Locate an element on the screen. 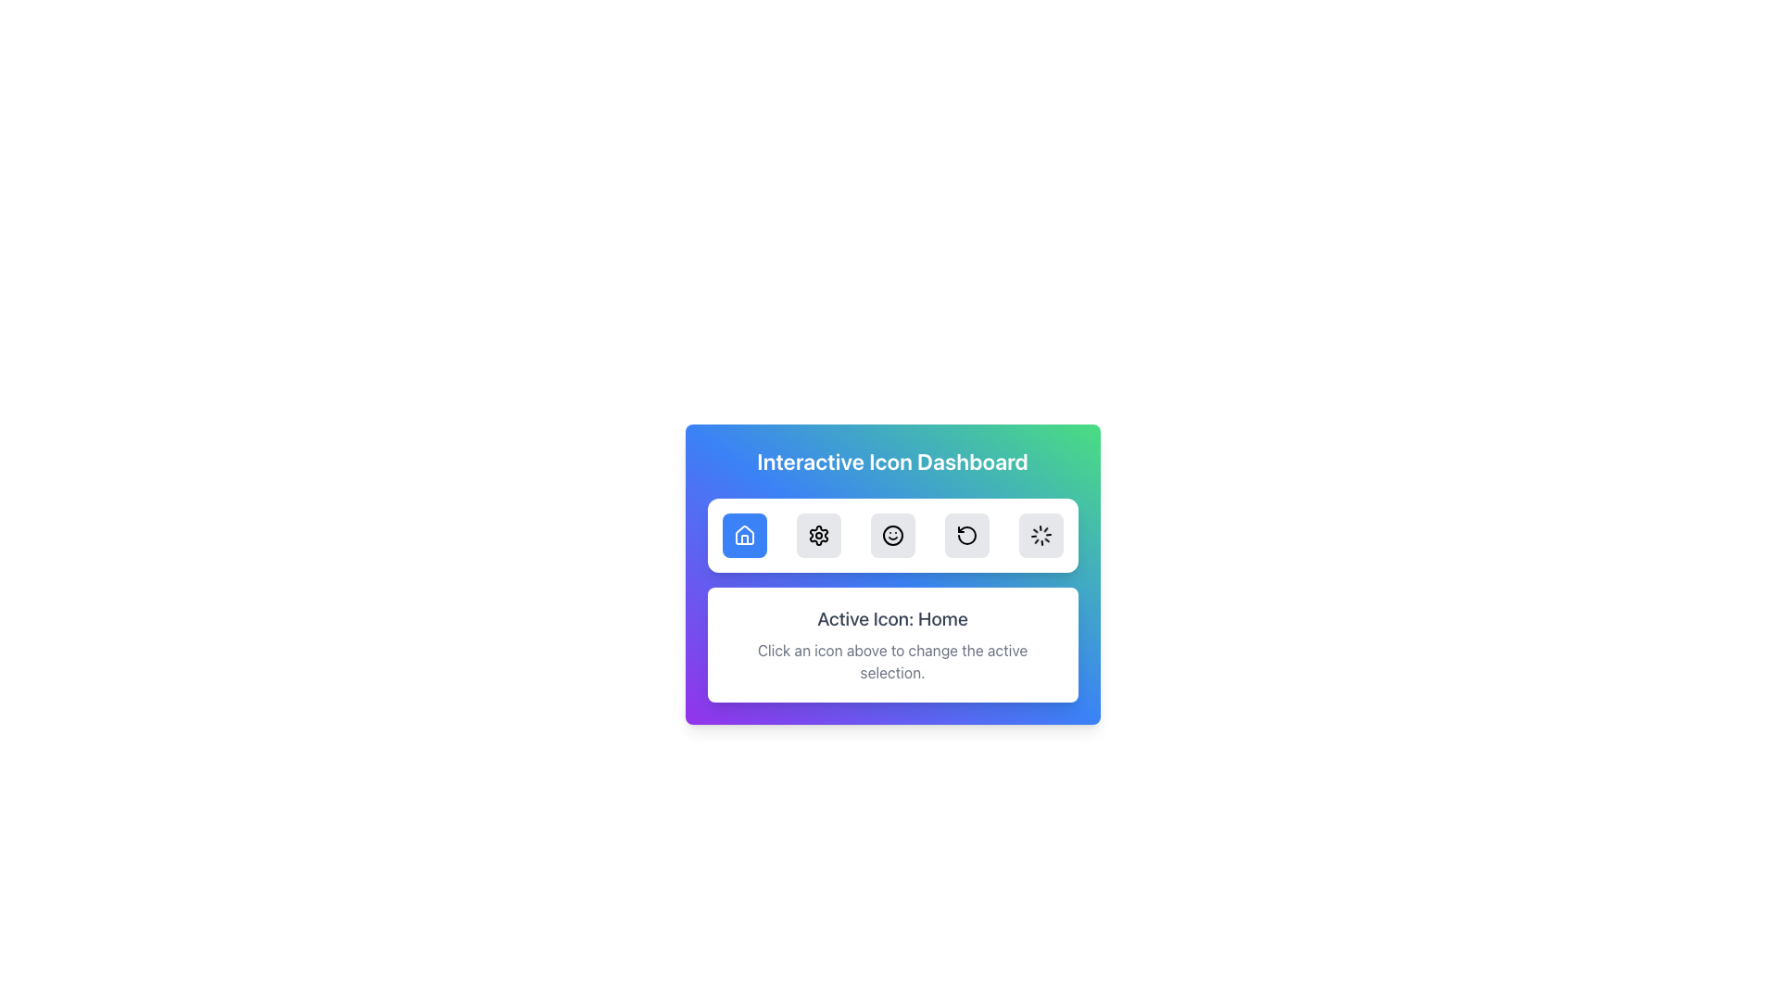  the Circular SVG element that forms the border of the smiley face graphic is located at coordinates (892, 536).